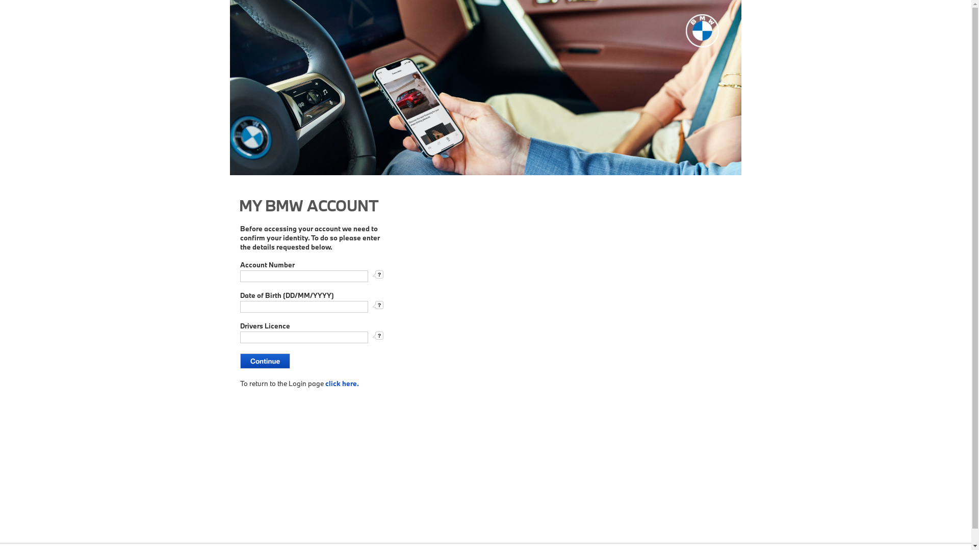 The height and width of the screenshot is (550, 979). I want to click on 'click here.', so click(342, 383).